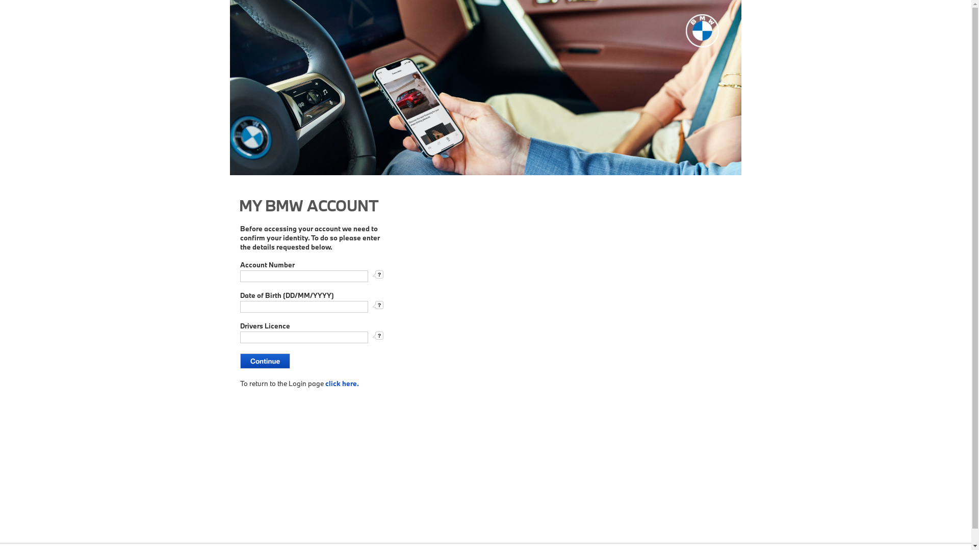 The height and width of the screenshot is (550, 979). I want to click on 'click here.', so click(342, 383).